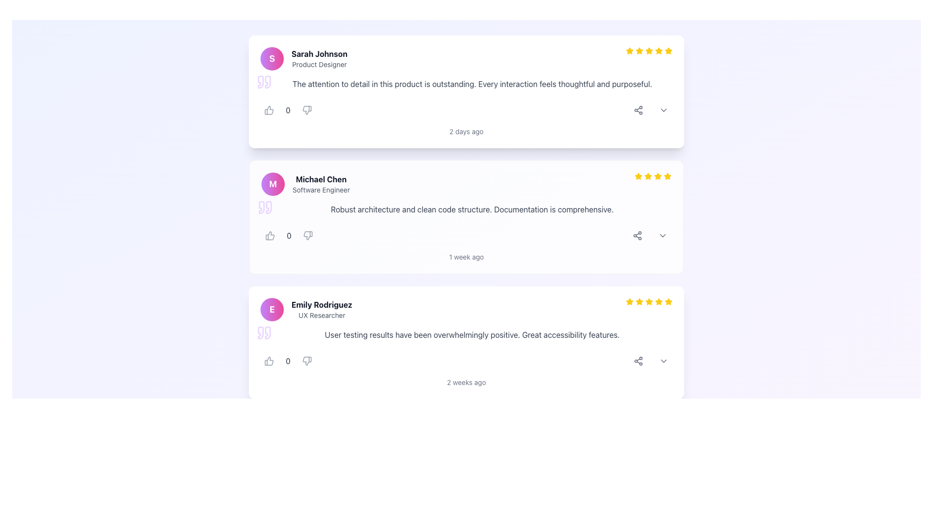 Image resolution: width=933 pixels, height=525 pixels. I want to click on the small circular button with a light gray thumbs-up icon at its center, located in the second comment card under the comment text, to like the comment, so click(270, 236).